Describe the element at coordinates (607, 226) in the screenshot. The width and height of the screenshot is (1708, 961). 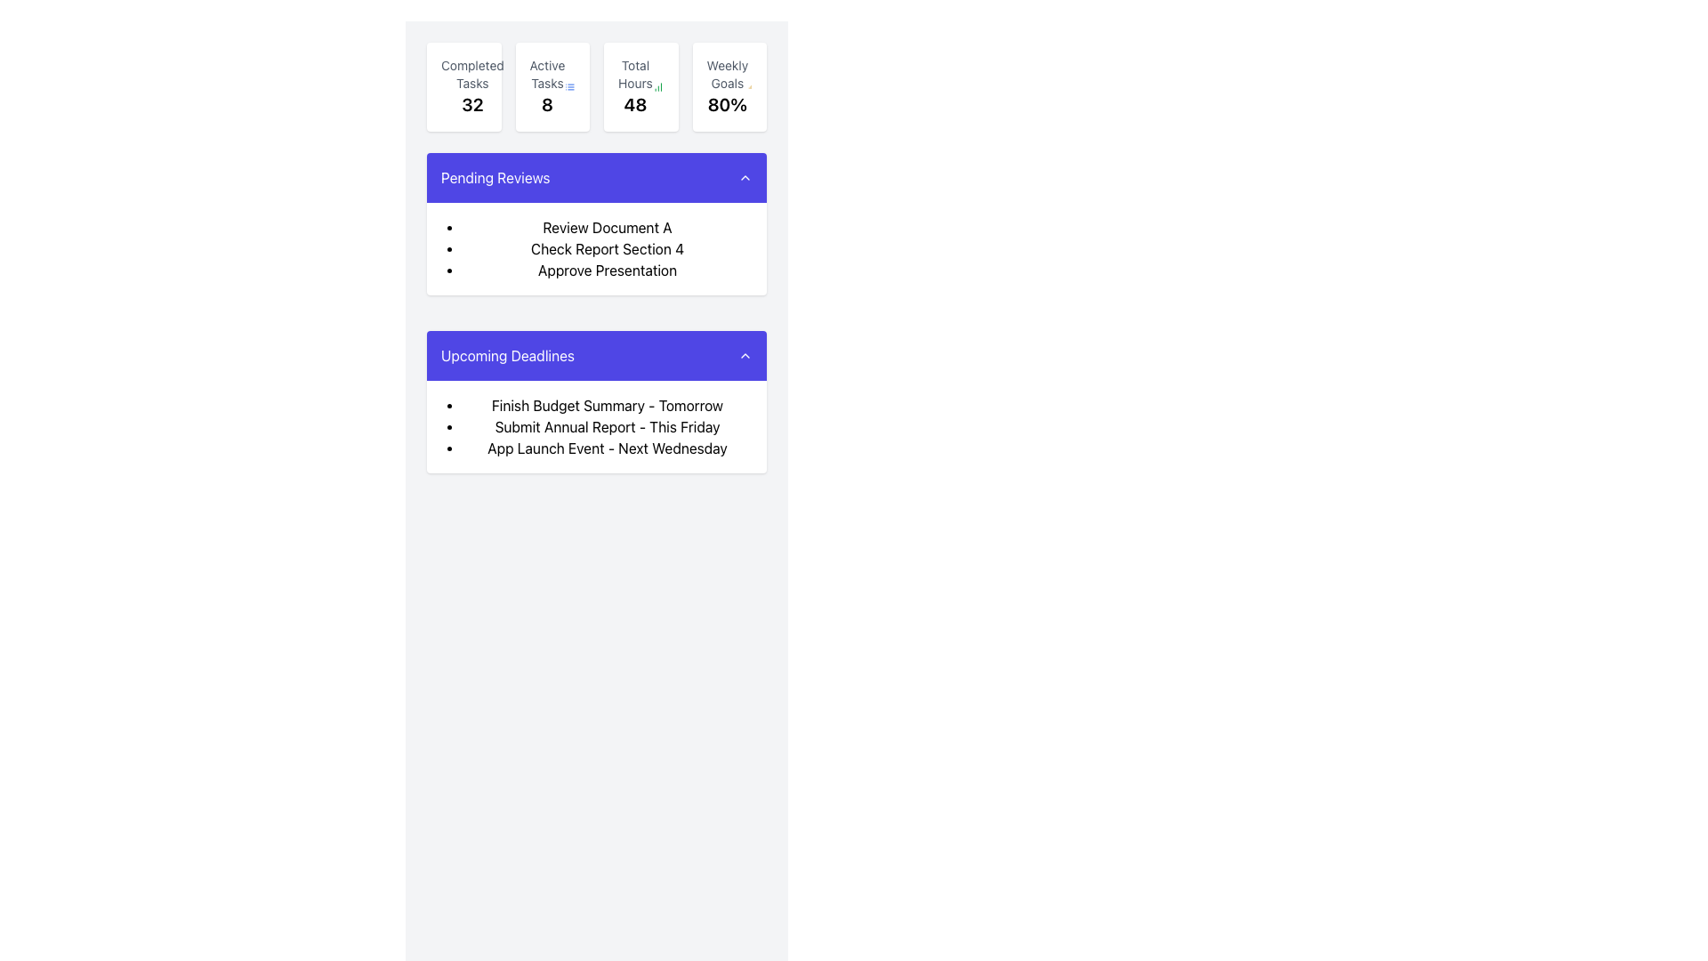
I see `the text label 'Review Document A', which is the first item in the bulleted list within the card titled 'Pending Reviews'` at that location.